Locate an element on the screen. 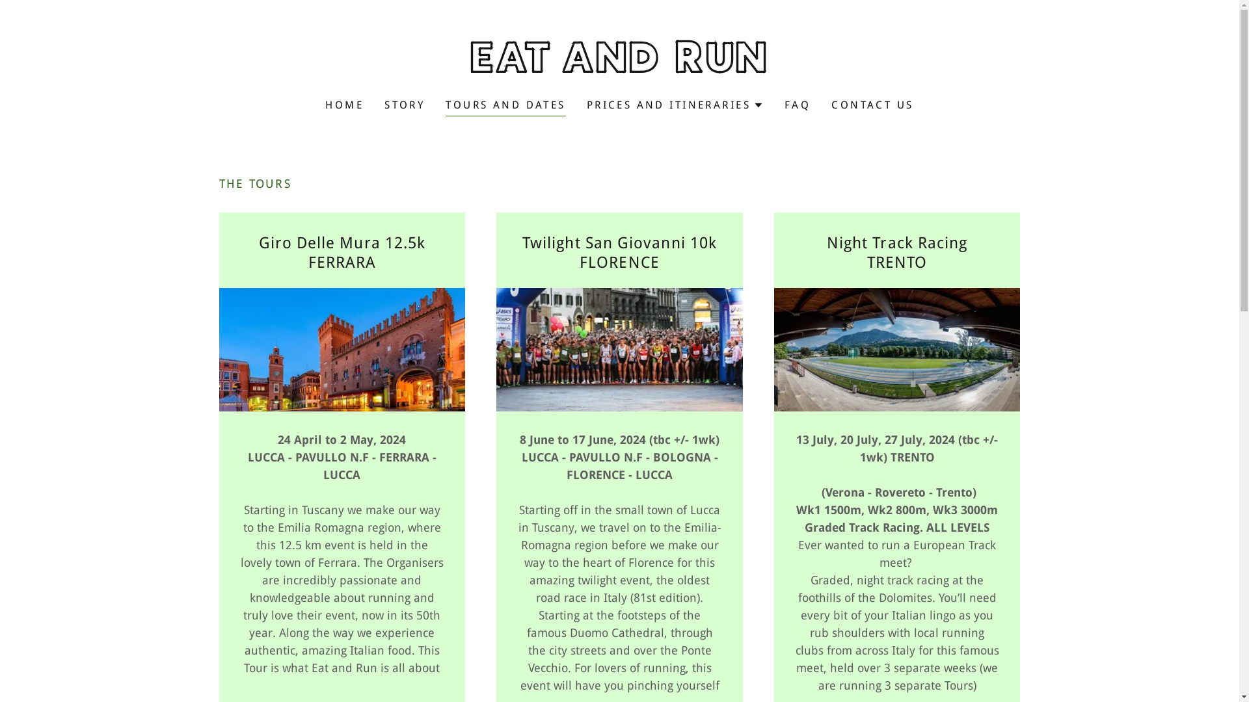  'EAT AND RUN' is located at coordinates (619, 68).